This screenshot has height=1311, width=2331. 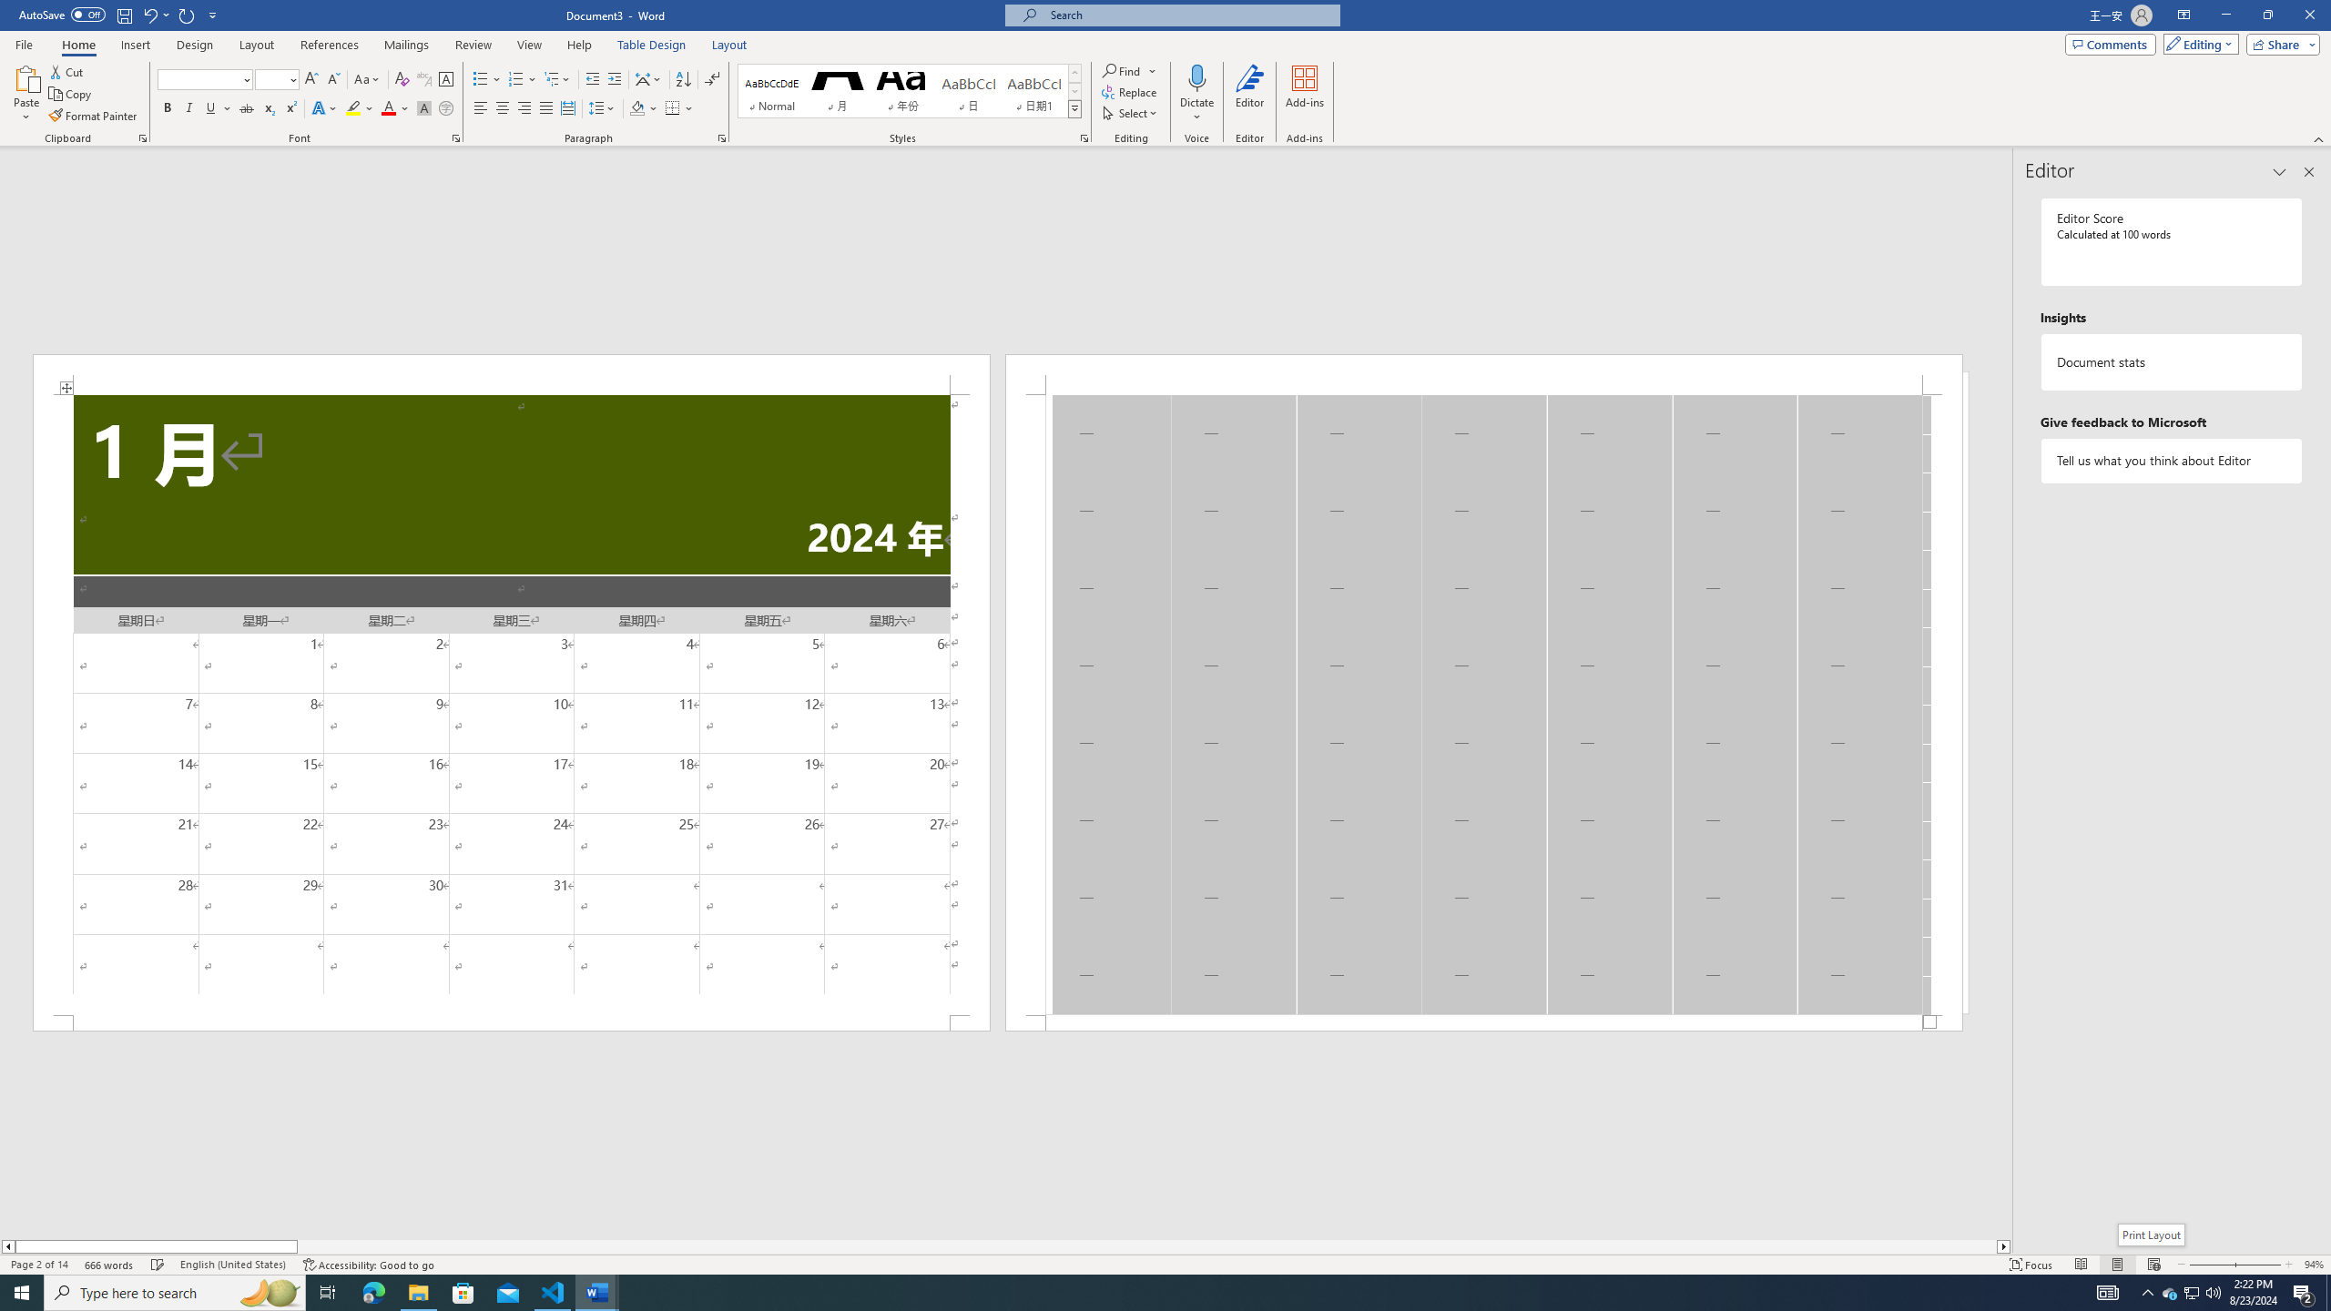 I want to click on 'Page Number Page 2 of 14', so click(x=38, y=1265).